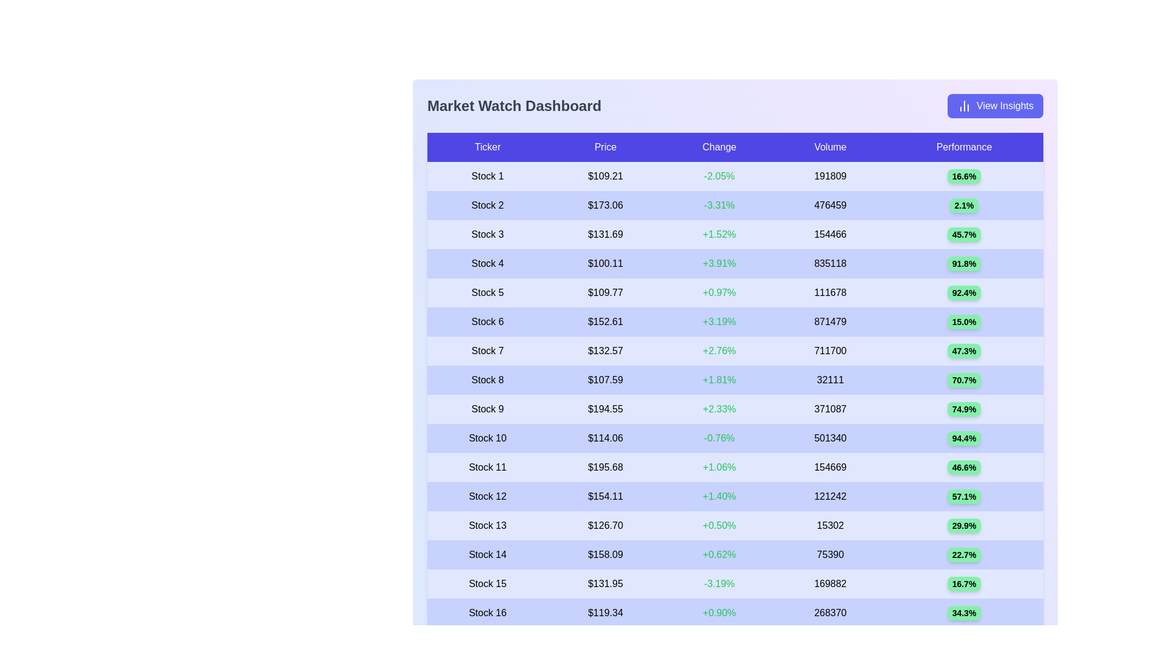 Image resolution: width=1164 pixels, height=655 pixels. I want to click on the 'View Insights' button, so click(995, 105).